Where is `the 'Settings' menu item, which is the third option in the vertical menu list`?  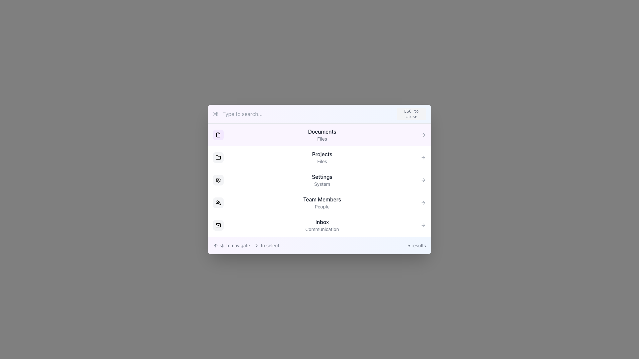
the 'Settings' menu item, which is the third option in the vertical menu list is located at coordinates (322, 180).